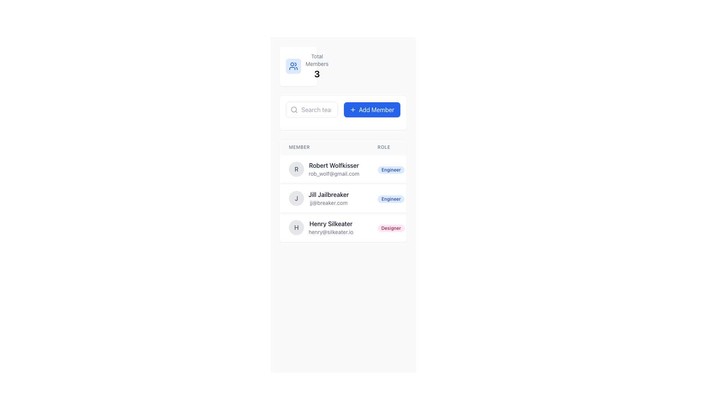  Describe the element at coordinates (391, 198) in the screenshot. I see `the pill-shaped label with the text 'Engineer' that is styled with a blue background and blue text, located in the 'Role' column next to 'Jill Jailbreaker'` at that location.